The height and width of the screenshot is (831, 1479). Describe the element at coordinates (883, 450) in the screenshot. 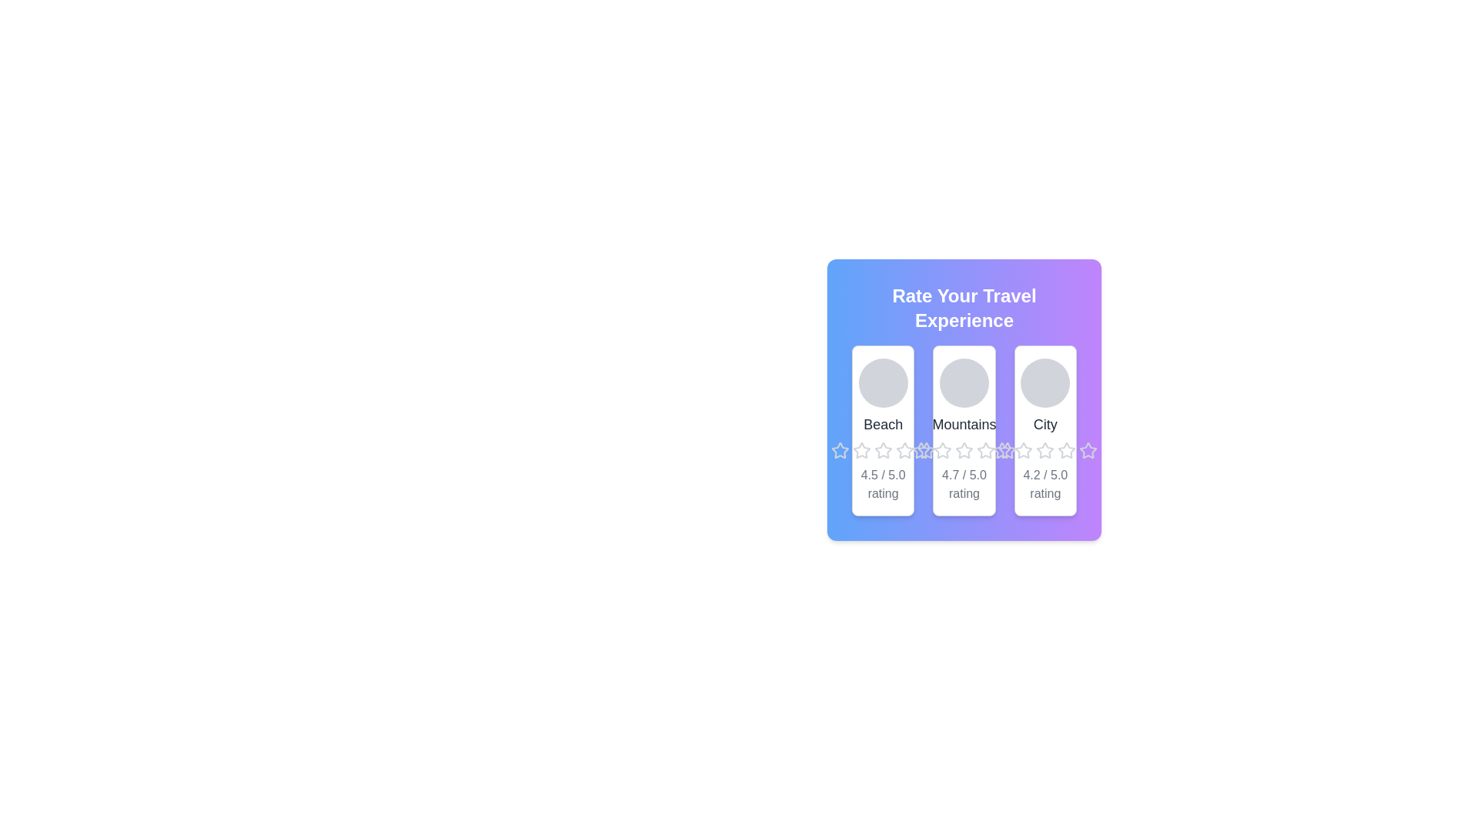

I see `the third star in the rating control on the 'Beach' card to indicate a rating of three out of five` at that location.